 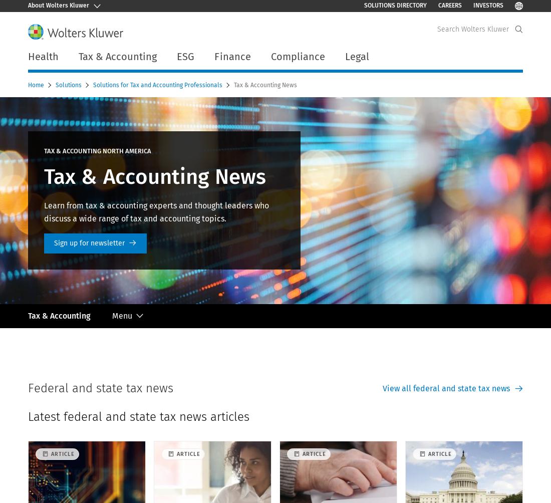 What do you see at coordinates (436, 29) in the screenshot?
I see `'Search Wolters Kluwer'` at bounding box center [436, 29].